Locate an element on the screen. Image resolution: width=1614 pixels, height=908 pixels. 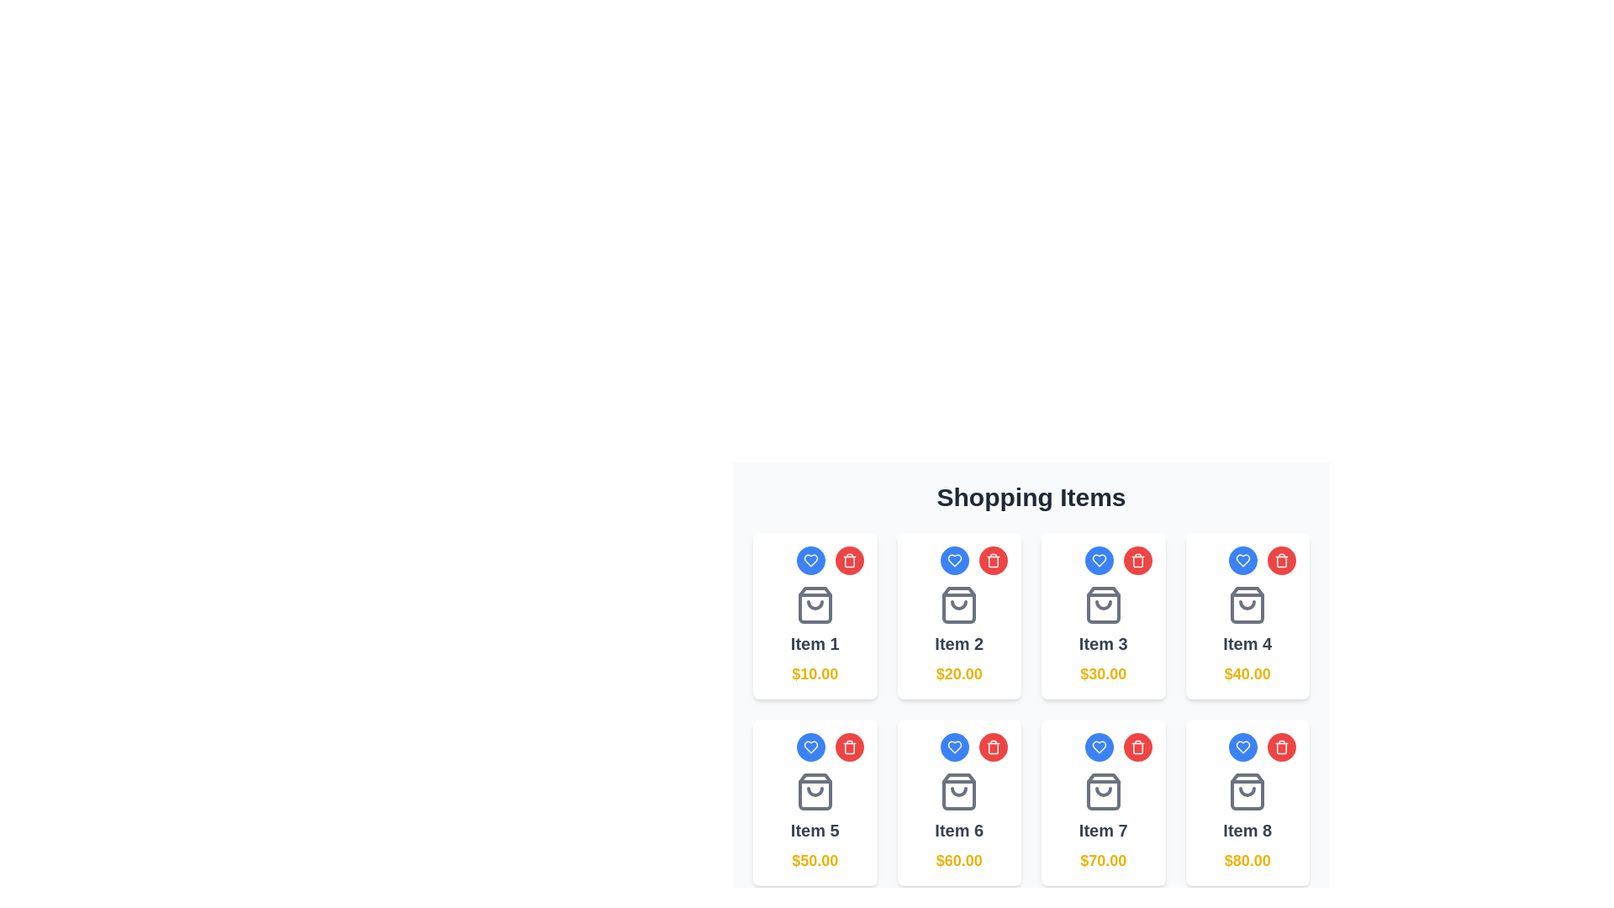
the shopping bag icon located under 'Item 8' and above the price '$80.00' in the eighth shopping item card to focus on it is located at coordinates (1247, 791).